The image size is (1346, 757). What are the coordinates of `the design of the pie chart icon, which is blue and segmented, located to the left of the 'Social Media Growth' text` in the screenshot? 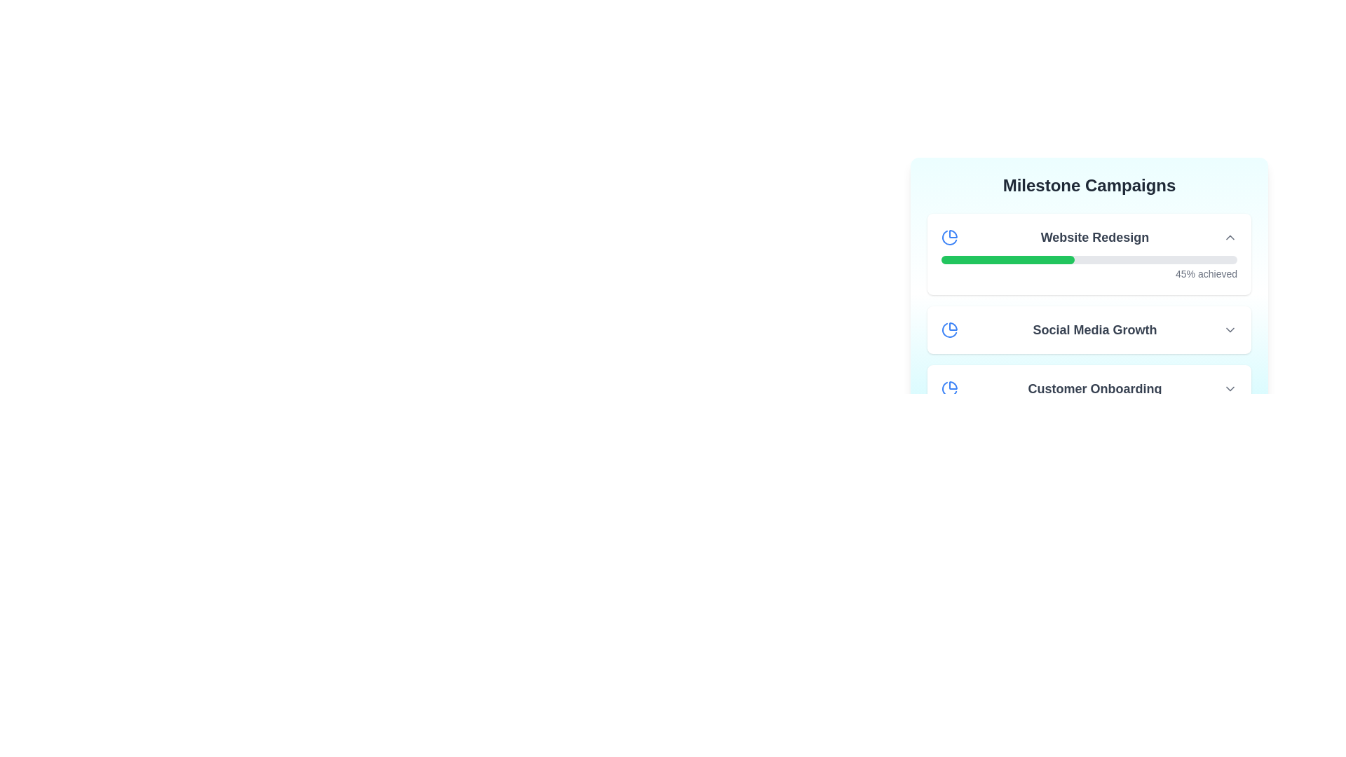 It's located at (949, 329).